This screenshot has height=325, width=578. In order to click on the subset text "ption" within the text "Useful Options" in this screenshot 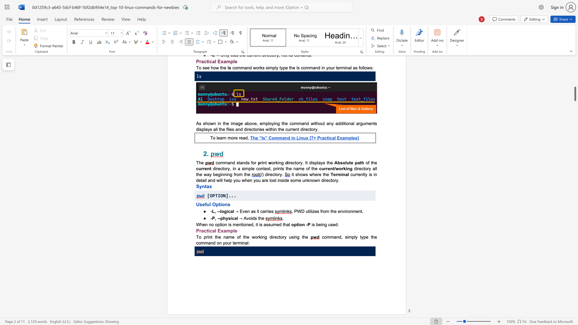, I will do `click(216, 204)`.